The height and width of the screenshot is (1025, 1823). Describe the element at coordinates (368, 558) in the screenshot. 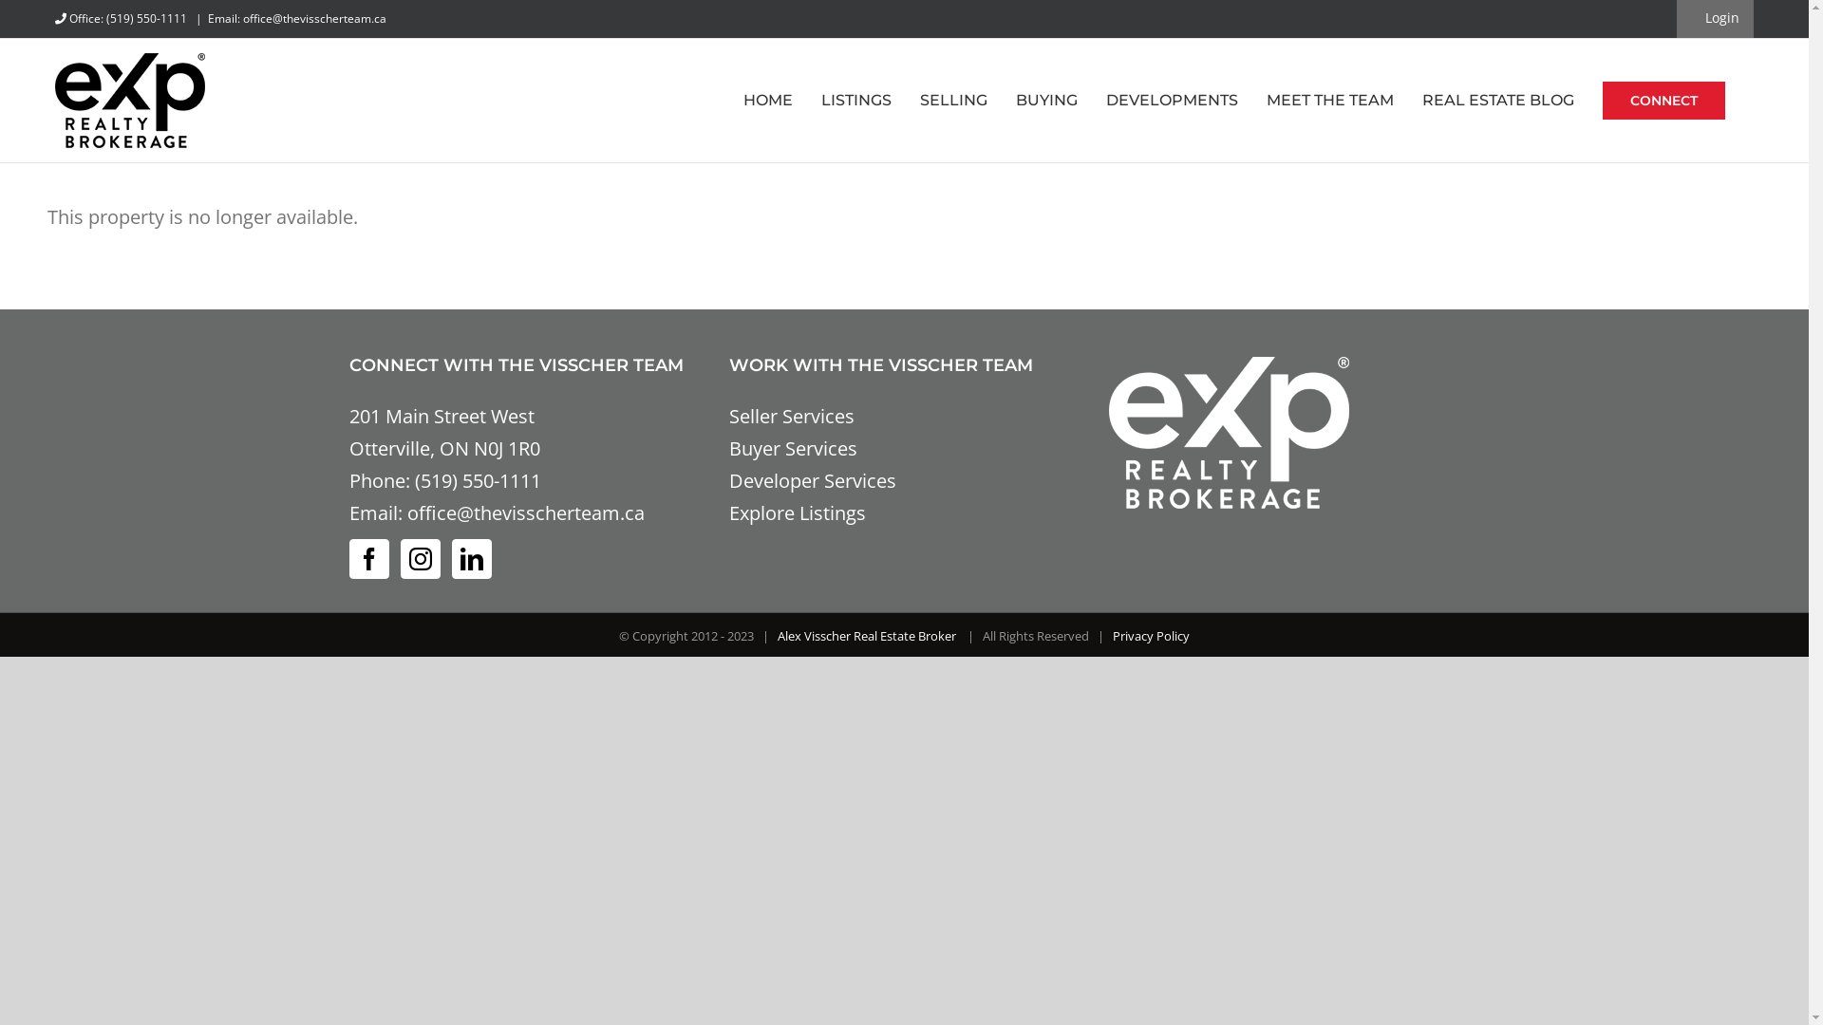

I see `'Facebook'` at that location.